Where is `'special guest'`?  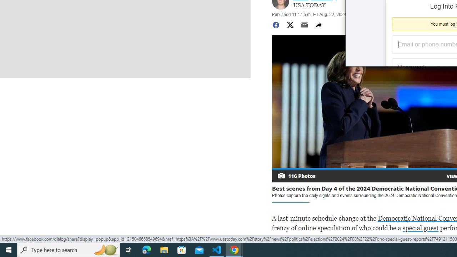
'special guest' is located at coordinates (420, 228).